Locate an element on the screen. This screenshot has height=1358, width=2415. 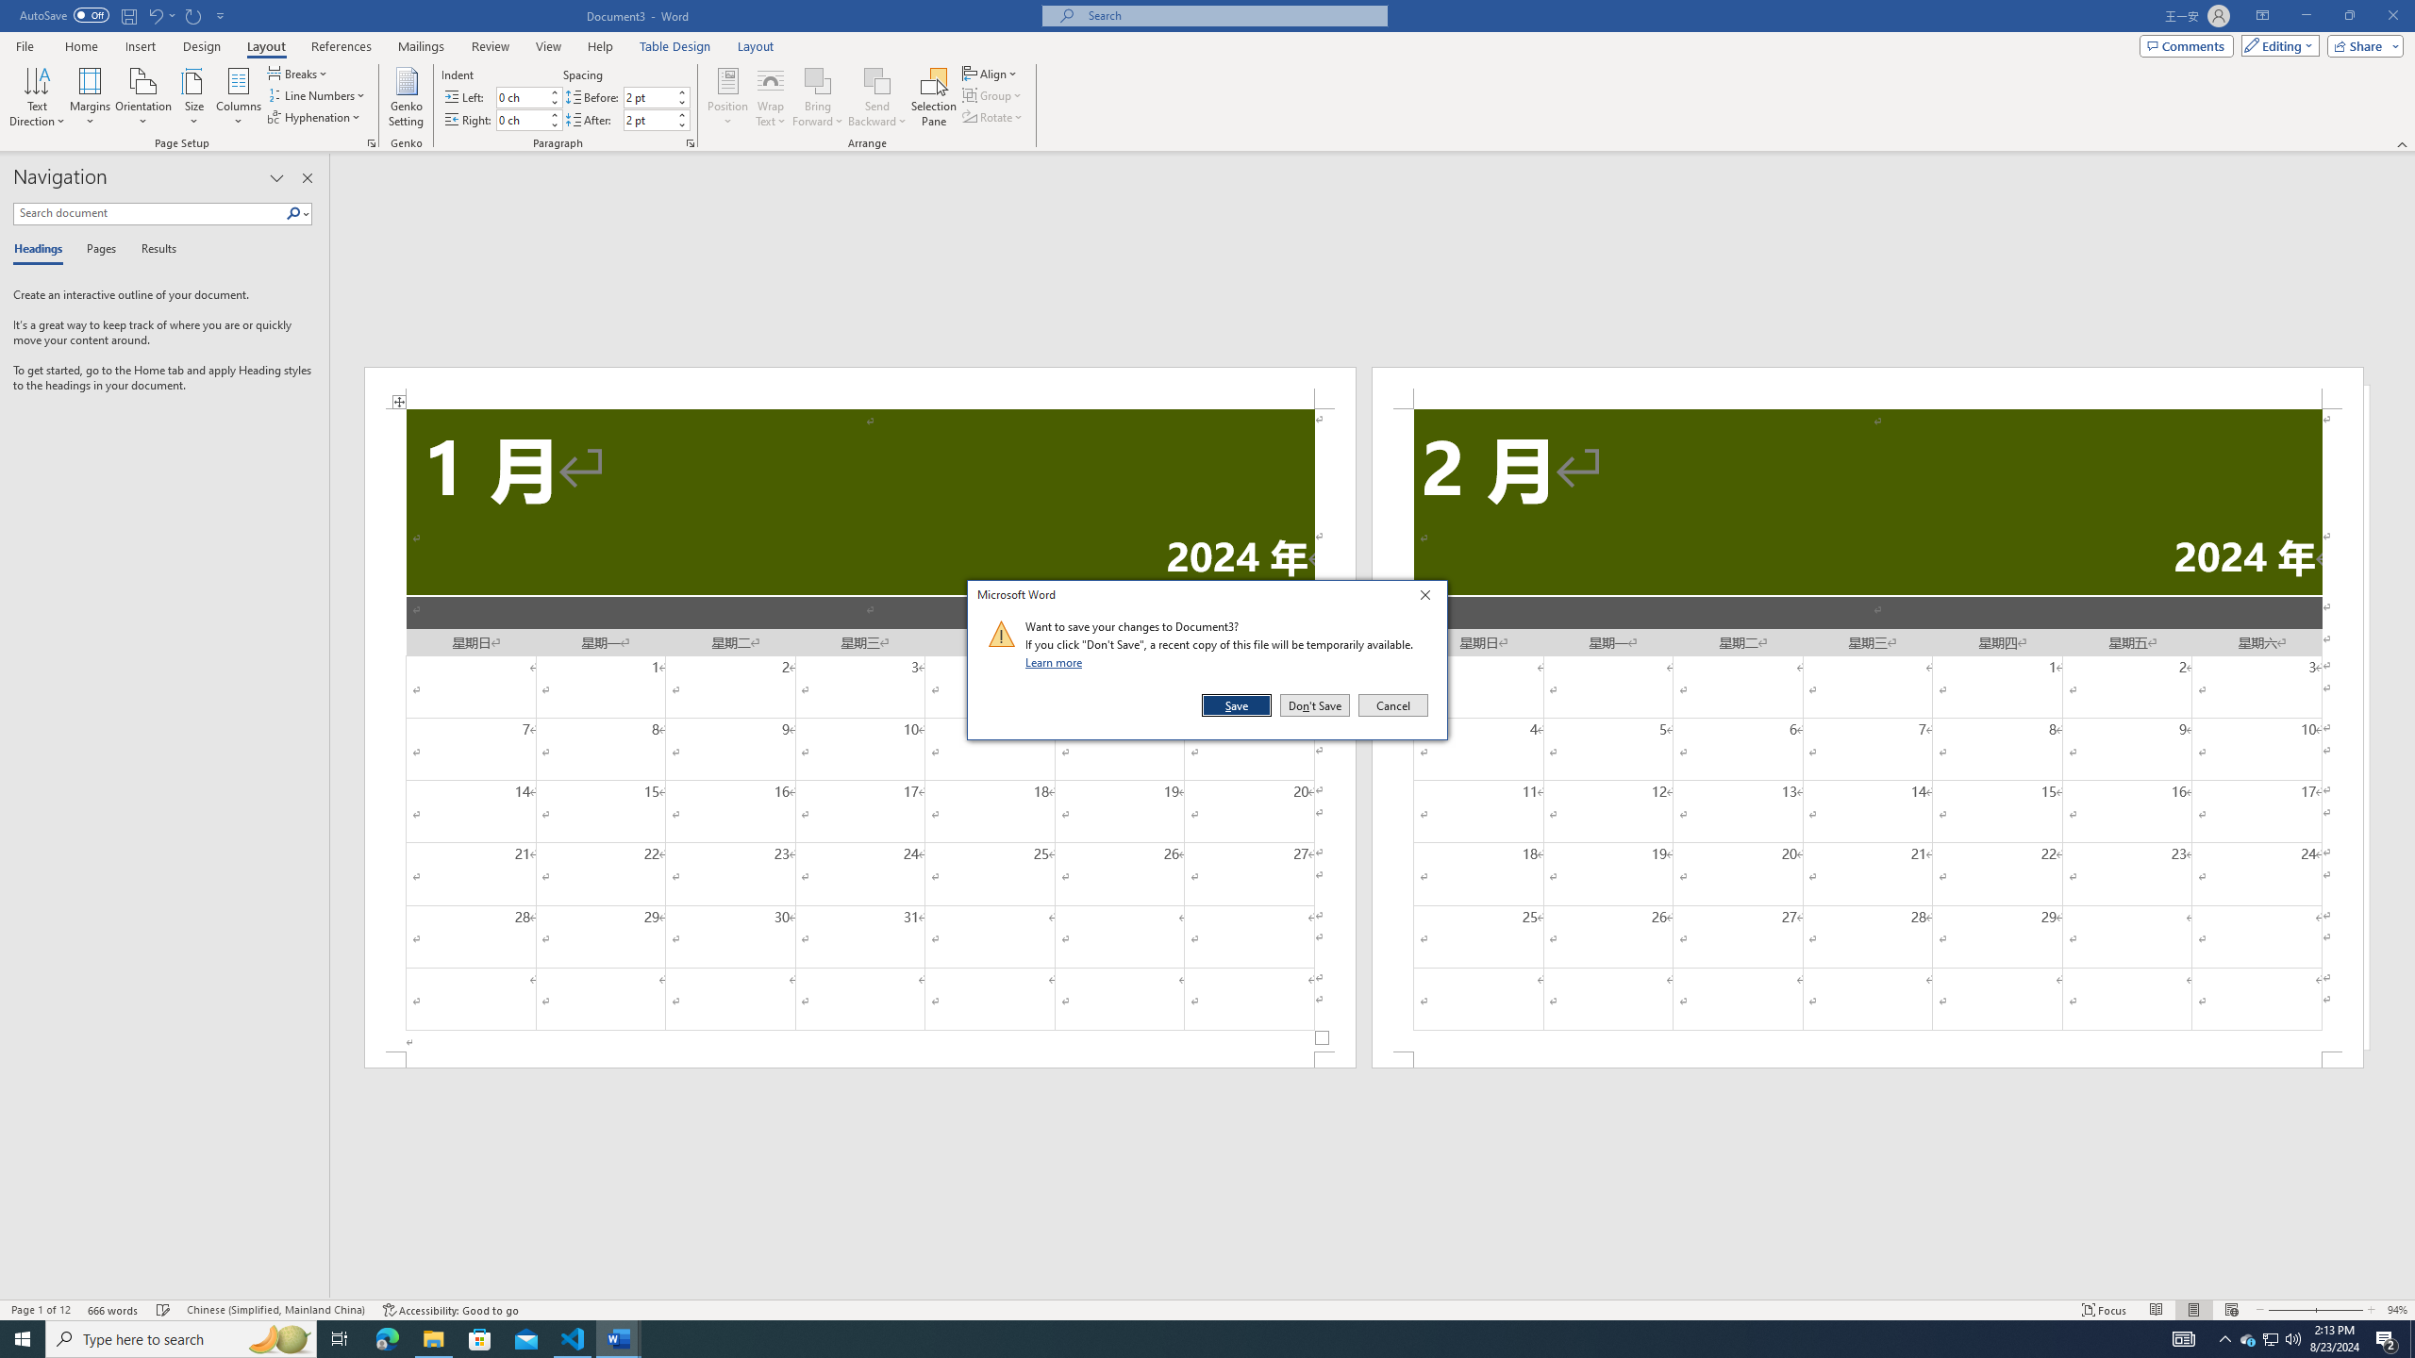
'Action Center, 2 new notifications' is located at coordinates (2387, 1337).